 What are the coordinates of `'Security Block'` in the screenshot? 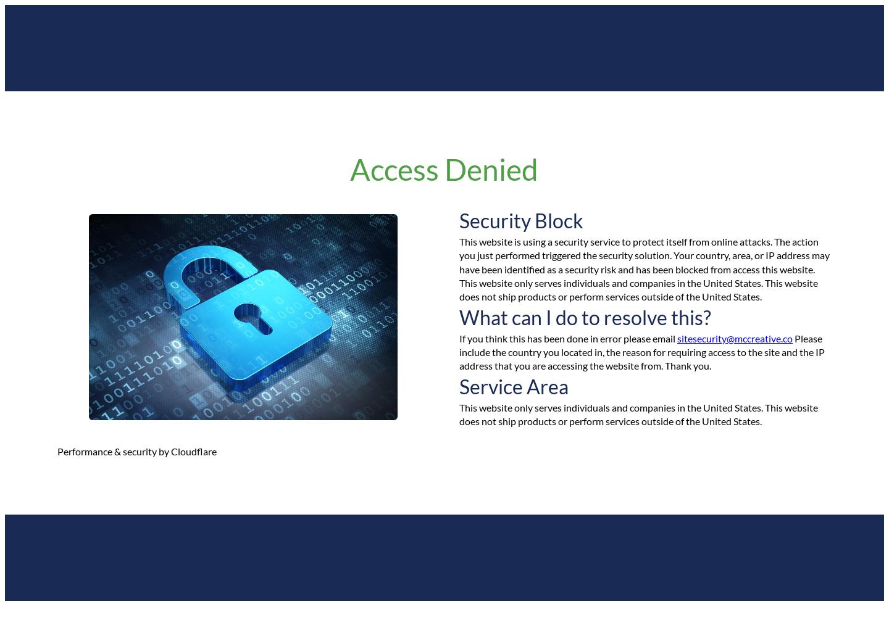 It's located at (520, 220).